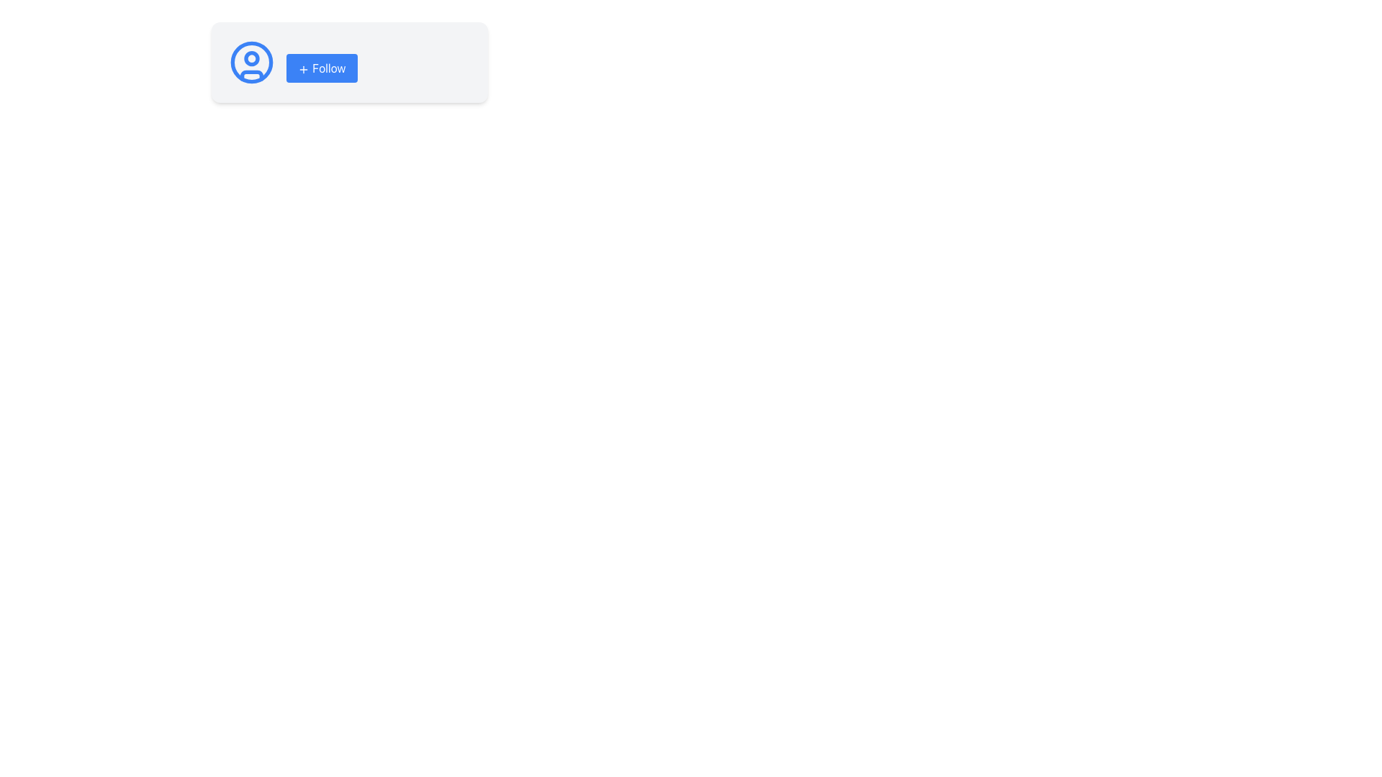 Image resolution: width=1382 pixels, height=777 pixels. What do you see at coordinates (252, 58) in the screenshot?
I see `the decorative circle element centered within the 'circle-user' SVG graphic, located near the top center of the icon` at bounding box center [252, 58].